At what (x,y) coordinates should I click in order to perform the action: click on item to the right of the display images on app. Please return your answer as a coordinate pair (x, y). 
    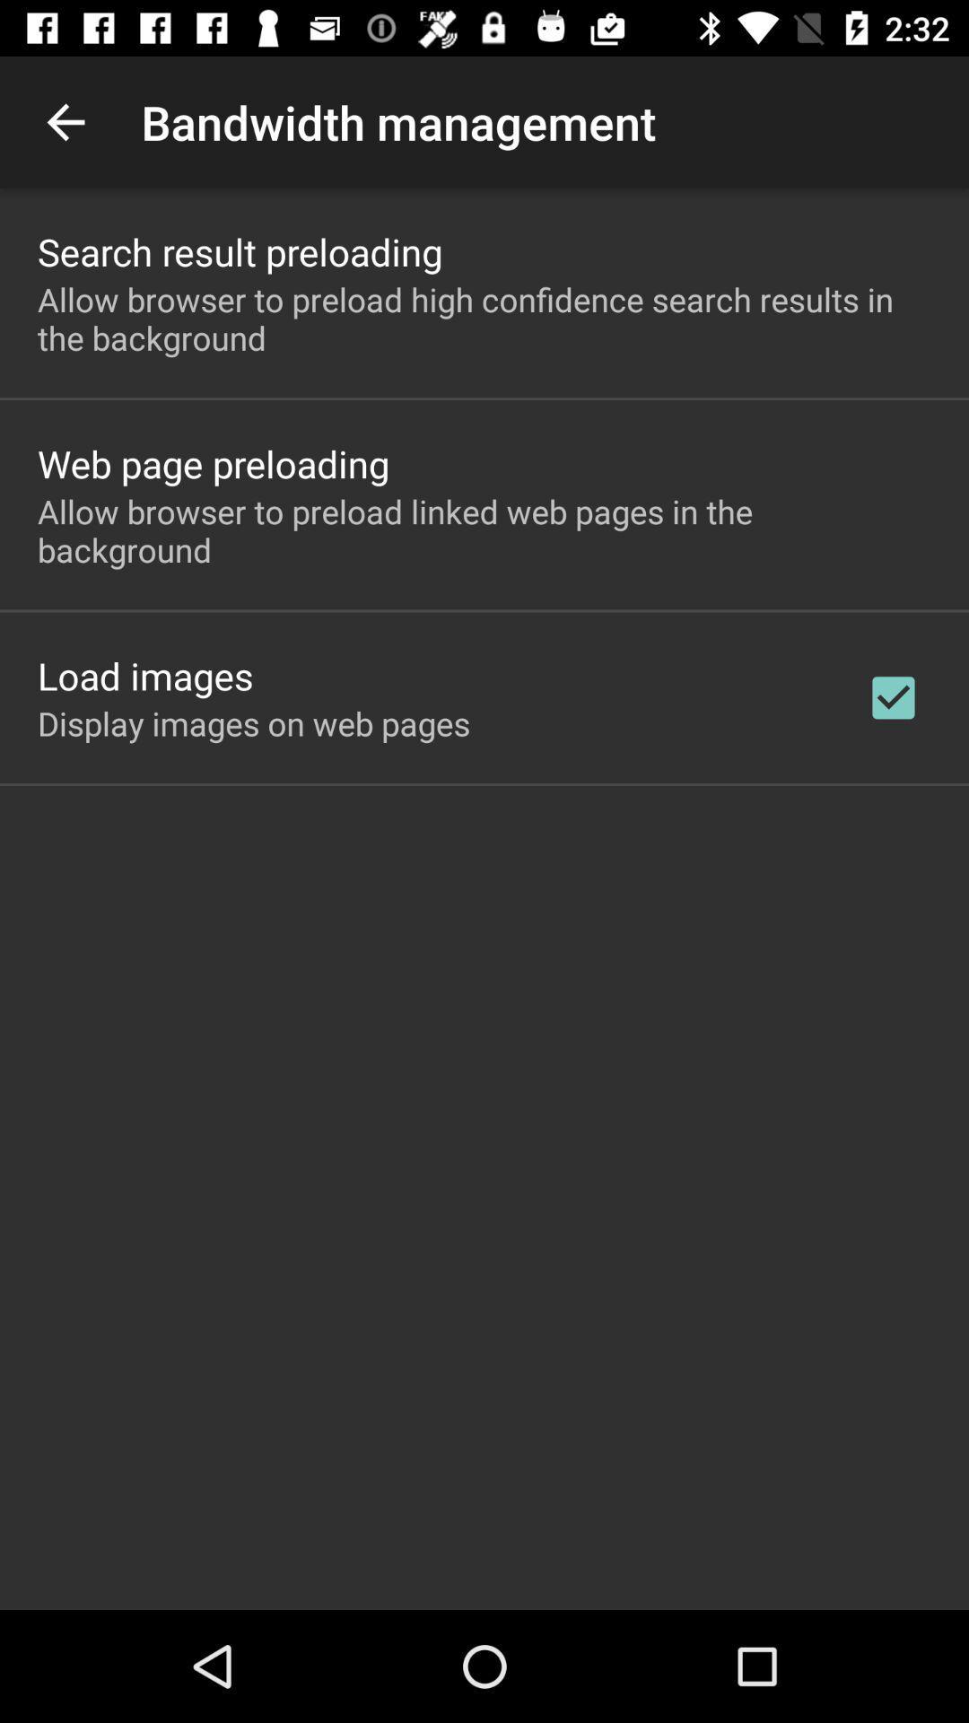
    Looking at the image, I should click on (893, 696).